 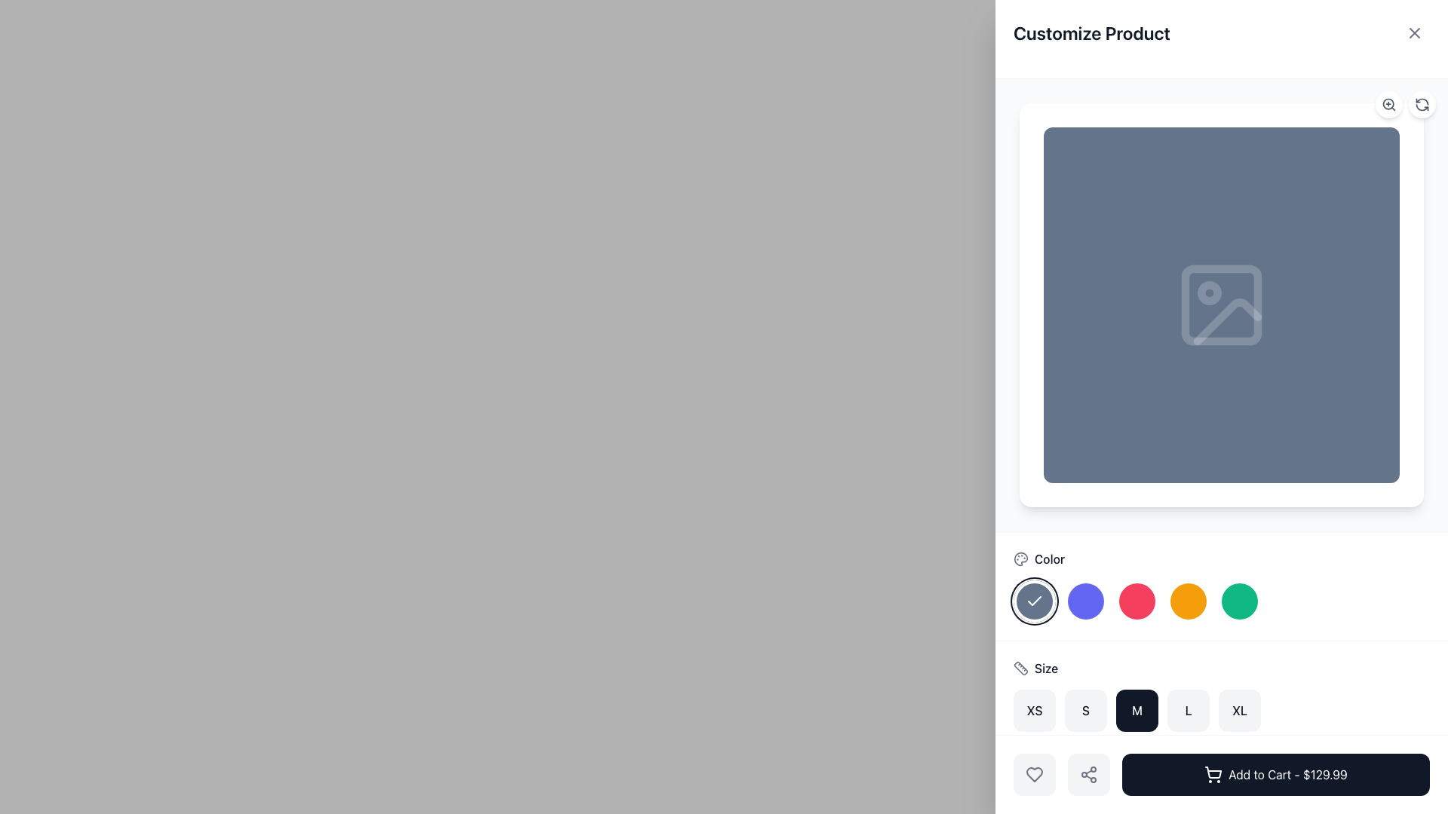 What do you see at coordinates (1414, 32) in the screenshot?
I see `the close button located in the top-right corner of the 'Customize Product' section` at bounding box center [1414, 32].